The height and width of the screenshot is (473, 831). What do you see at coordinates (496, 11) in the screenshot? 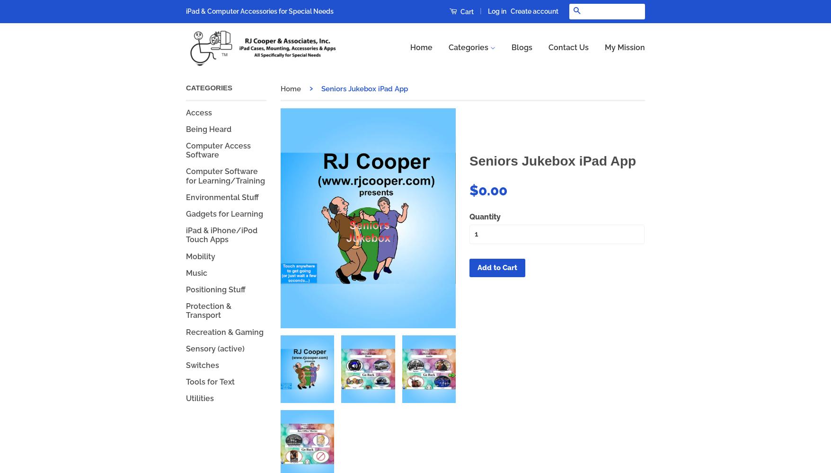
I see `'Log in'` at bounding box center [496, 11].